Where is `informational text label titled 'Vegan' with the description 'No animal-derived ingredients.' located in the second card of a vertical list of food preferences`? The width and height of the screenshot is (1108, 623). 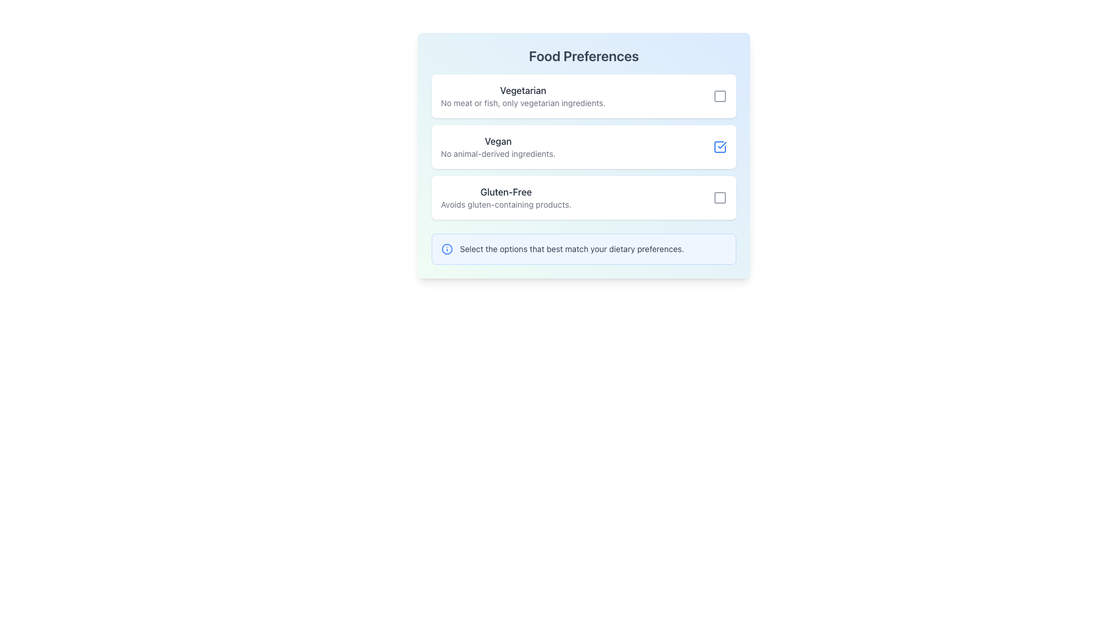
informational text label titled 'Vegan' with the description 'No animal-derived ingredients.' located in the second card of a vertical list of food preferences is located at coordinates (498, 146).